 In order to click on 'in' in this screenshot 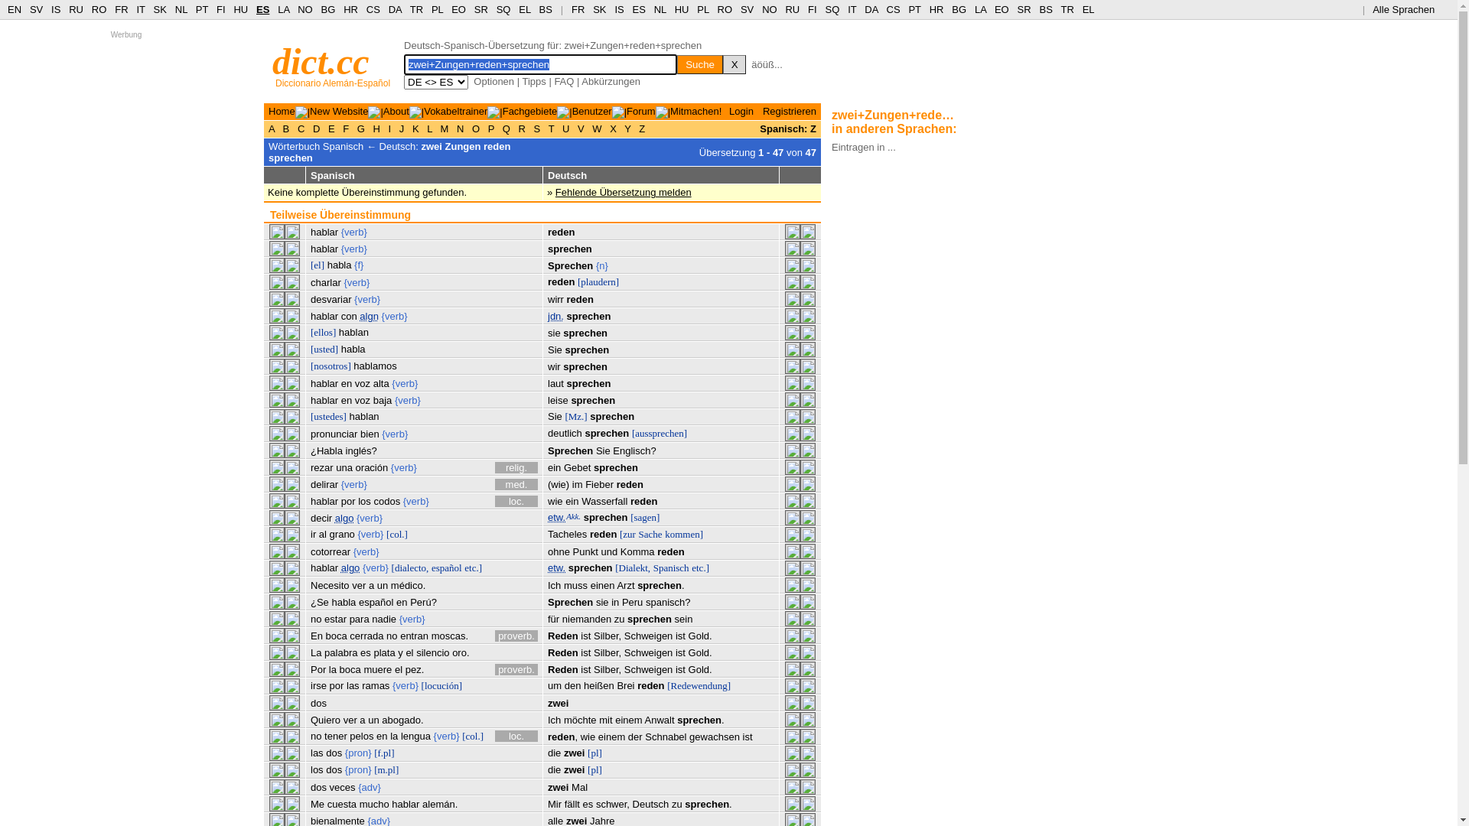, I will do `click(610, 601)`.